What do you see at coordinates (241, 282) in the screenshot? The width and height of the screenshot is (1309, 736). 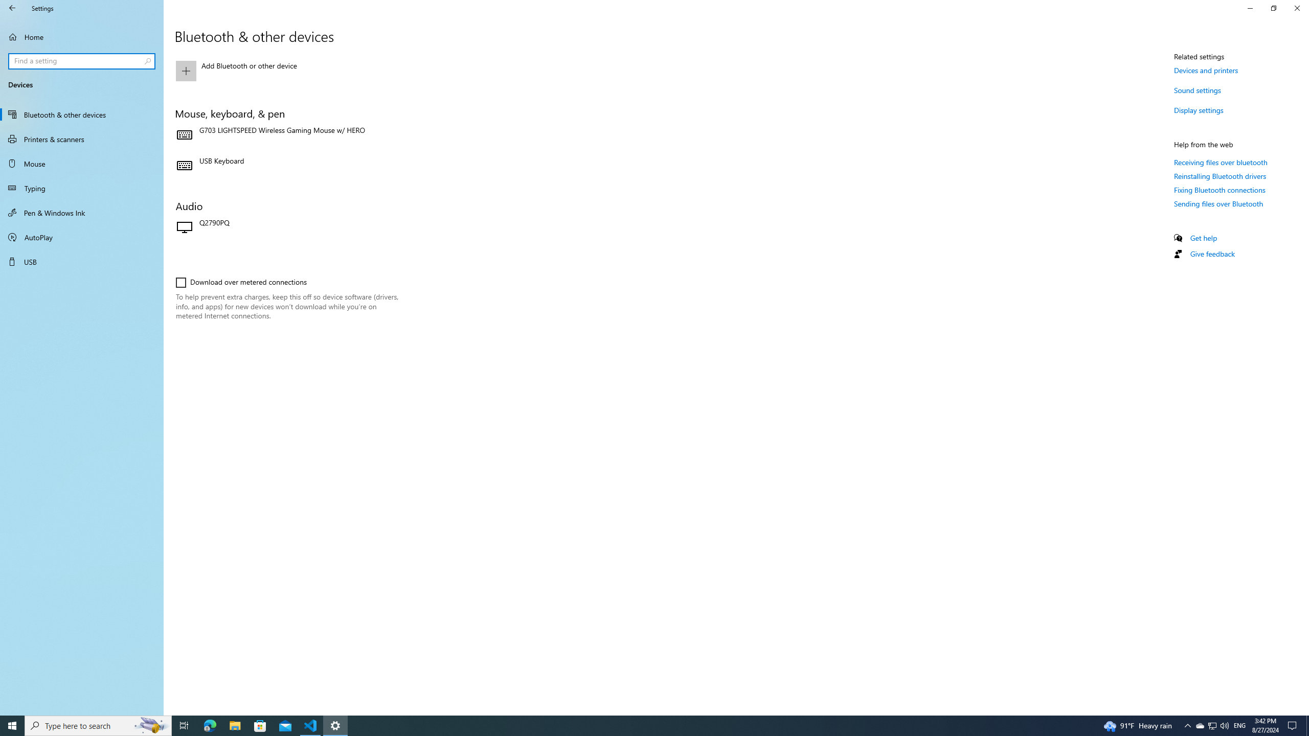 I see `'Download over metered connections'` at bounding box center [241, 282].